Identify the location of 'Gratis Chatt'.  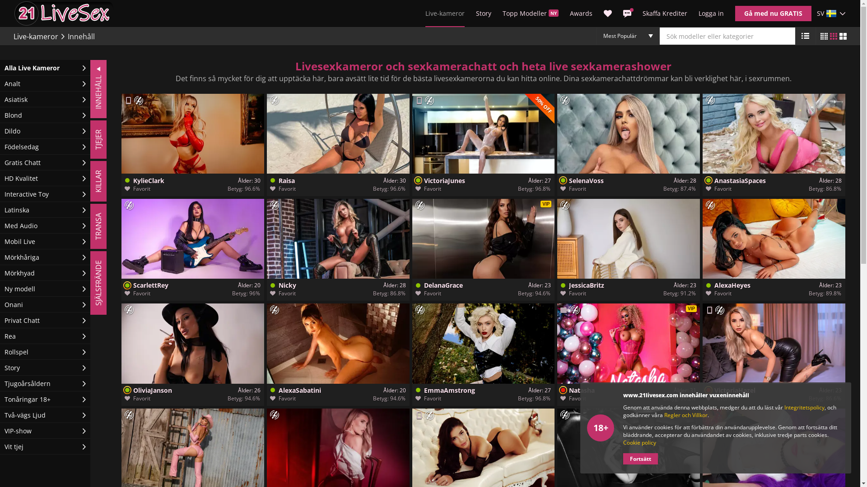
(45, 162).